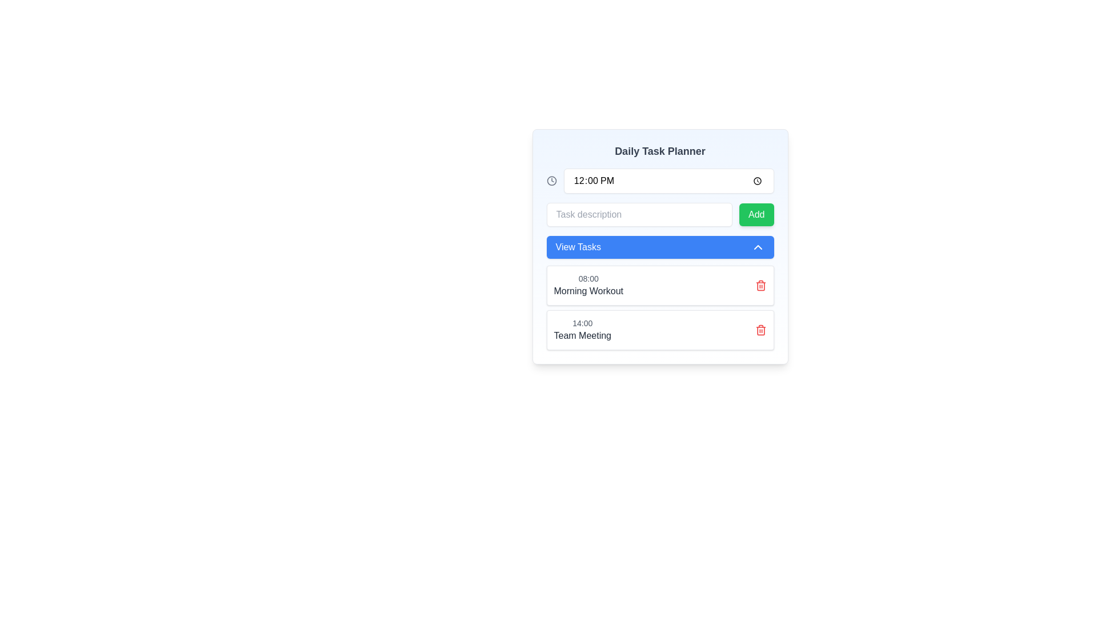  I want to click on the text label indicating the name or title of a scheduled task within the task management application, located centrally below the 'Daily Task Planner' title and above the 'Team Meeting' task, so click(588, 290).